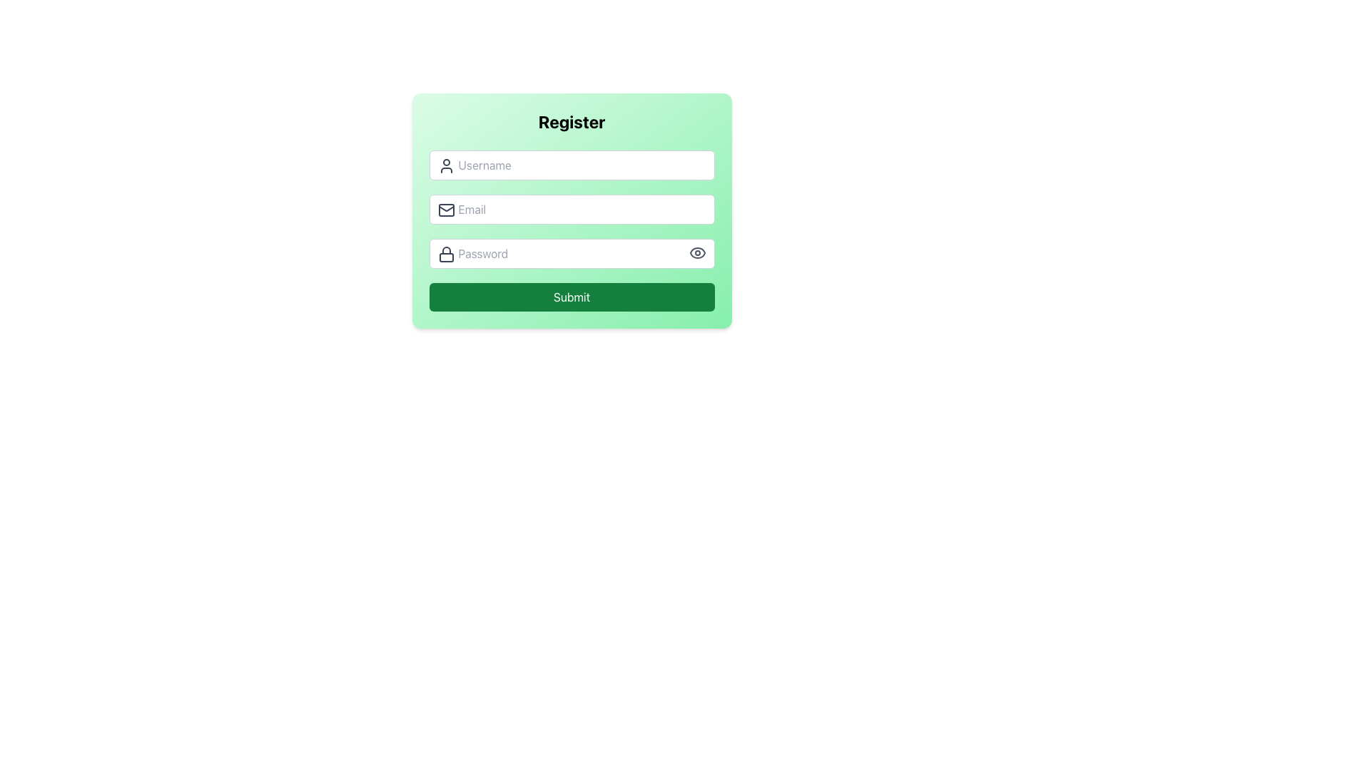 The height and width of the screenshot is (770, 1370). Describe the element at coordinates (697, 252) in the screenshot. I see `the button at the far right end of the password input field` at that location.